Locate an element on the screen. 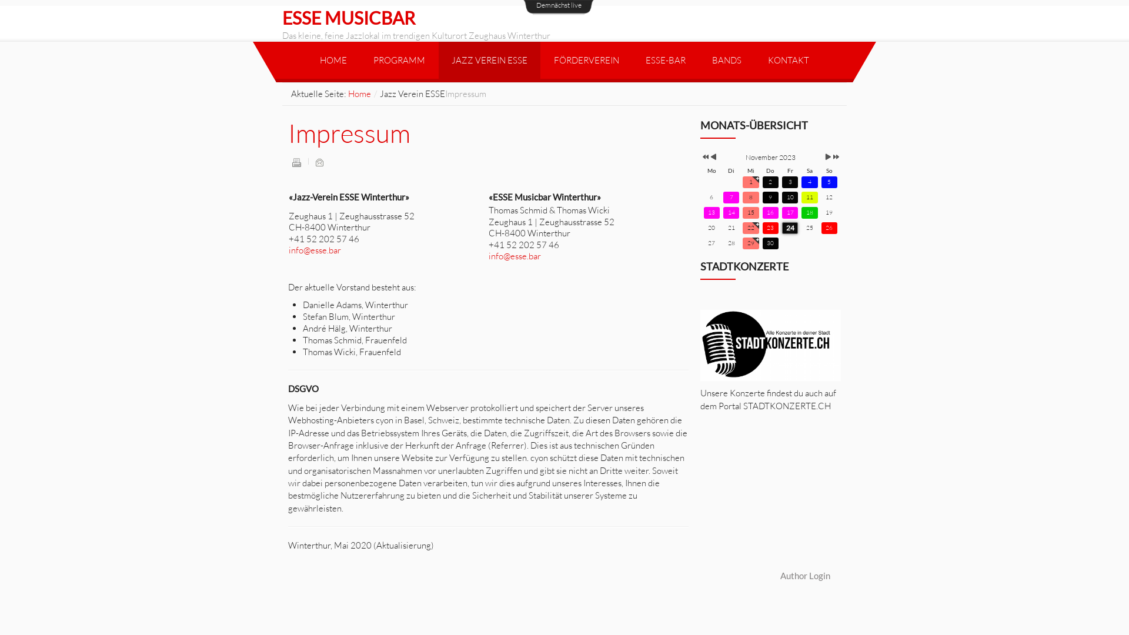  'info@esse.bar' is located at coordinates (288, 249).